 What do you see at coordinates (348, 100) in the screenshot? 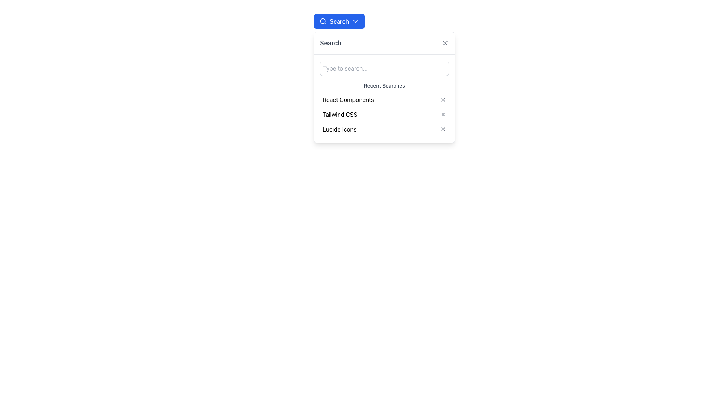
I see `the first text label in the 'Recent Searches' list` at bounding box center [348, 100].